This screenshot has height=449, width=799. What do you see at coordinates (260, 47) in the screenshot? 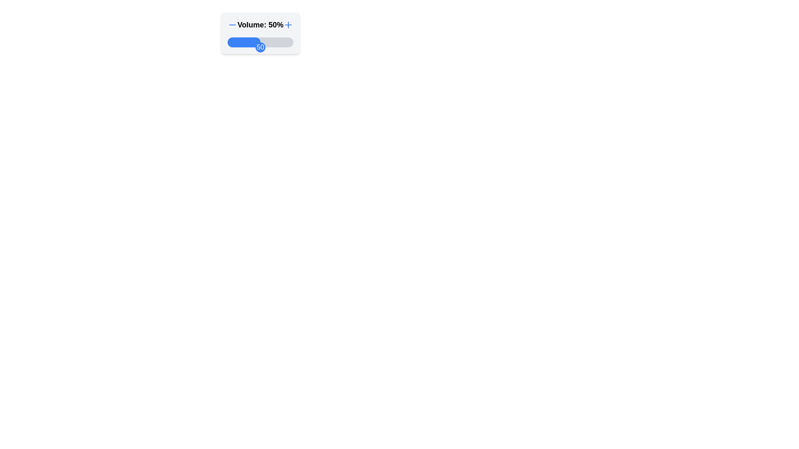
I see `the progress indicator located at the middle-right side of the progress bar, which visually aligns with the 50% mark` at bounding box center [260, 47].